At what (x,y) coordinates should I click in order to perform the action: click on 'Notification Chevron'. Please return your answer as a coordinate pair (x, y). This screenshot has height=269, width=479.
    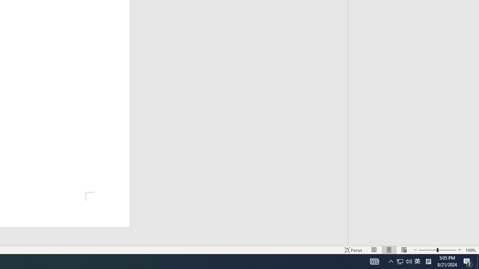
    Looking at the image, I should click on (404, 261).